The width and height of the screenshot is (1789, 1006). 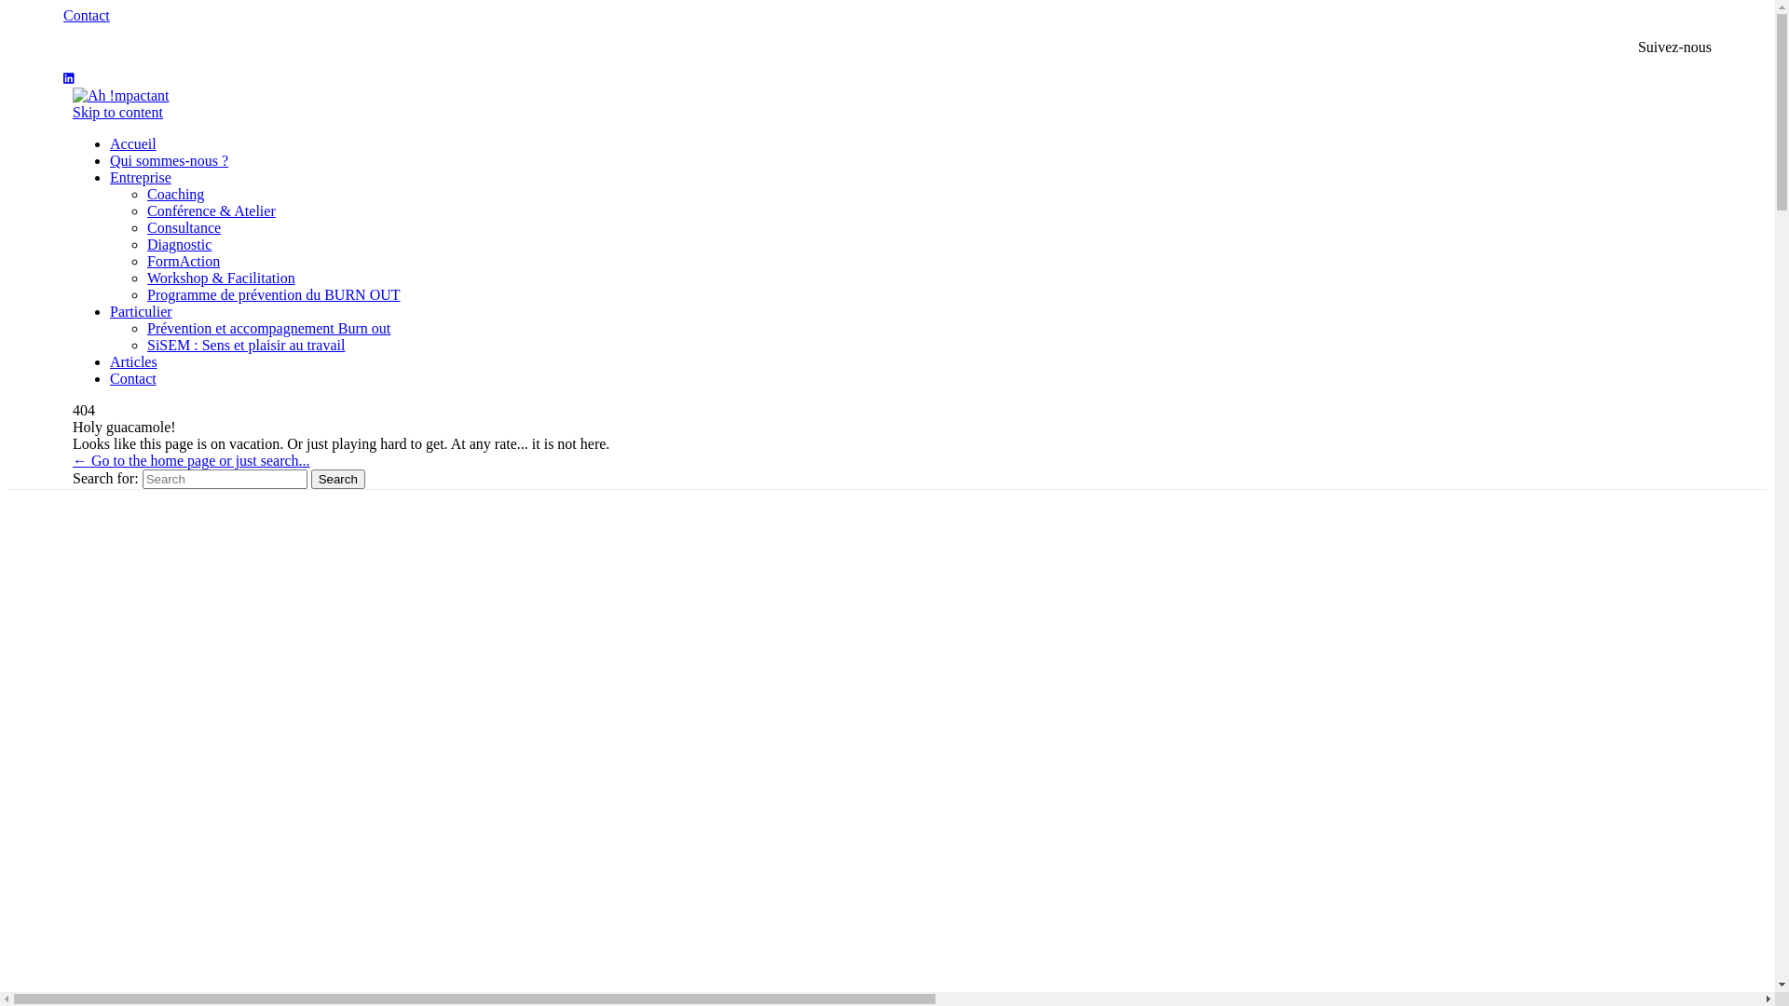 What do you see at coordinates (85, 15) in the screenshot?
I see `'Contact'` at bounding box center [85, 15].